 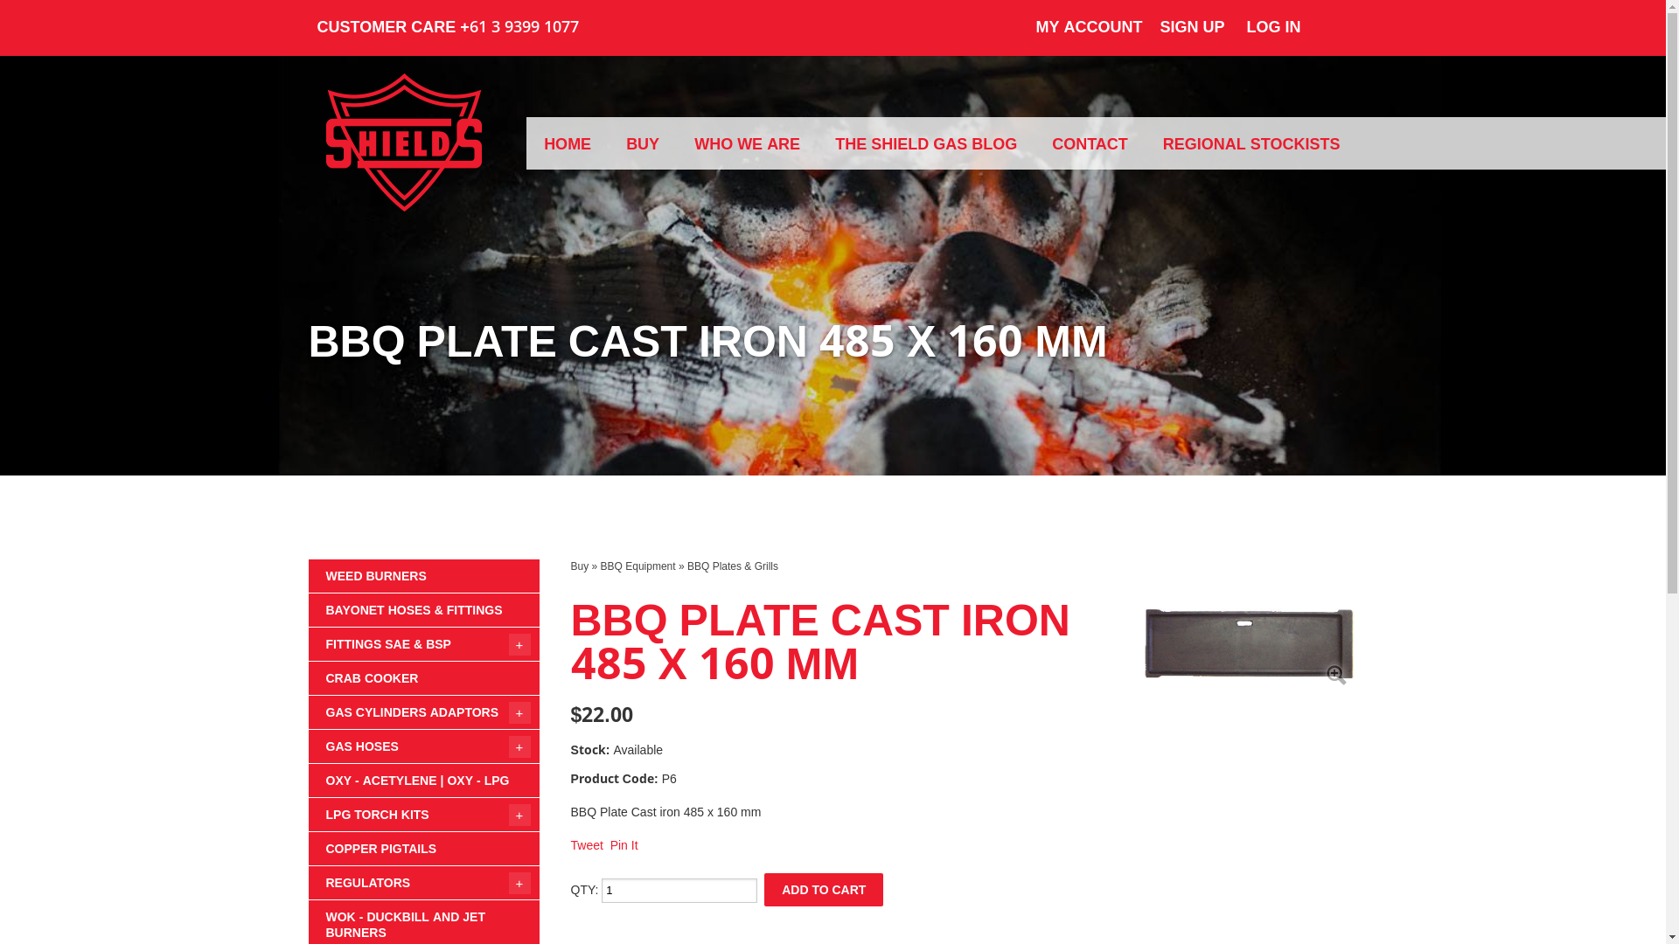 I want to click on 'OXY - ACETYLENE | OXY - LPG', so click(x=423, y=780).